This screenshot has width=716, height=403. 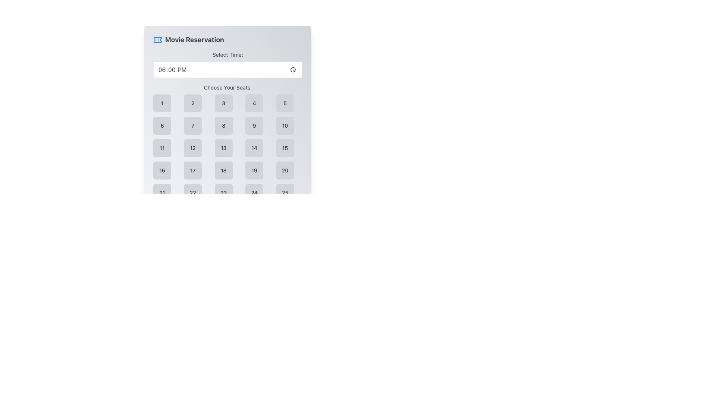 What do you see at coordinates (227, 64) in the screenshot?
I see `the Time picker input field located below the 'Movie Reservation' section title` at bounding box center [227, 64].